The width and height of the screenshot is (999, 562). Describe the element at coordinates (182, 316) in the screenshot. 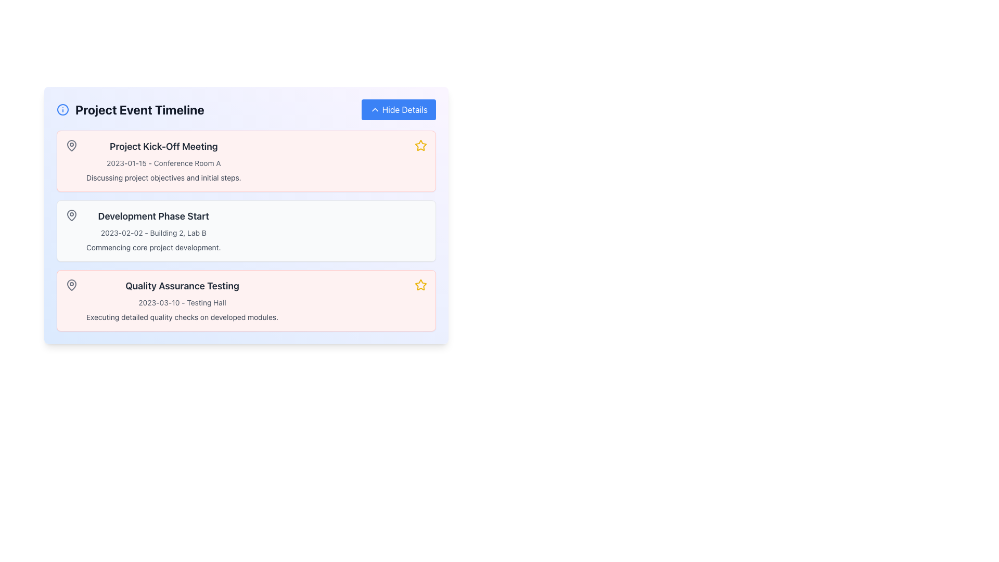

I see `the Text Content that provides additional descriptive context regarding the quality checks performed on modules, located as the third line of text within the card titled 'Quality Assurance Testing', which is the last card under the 'Project Event Timeline' header` at that location.